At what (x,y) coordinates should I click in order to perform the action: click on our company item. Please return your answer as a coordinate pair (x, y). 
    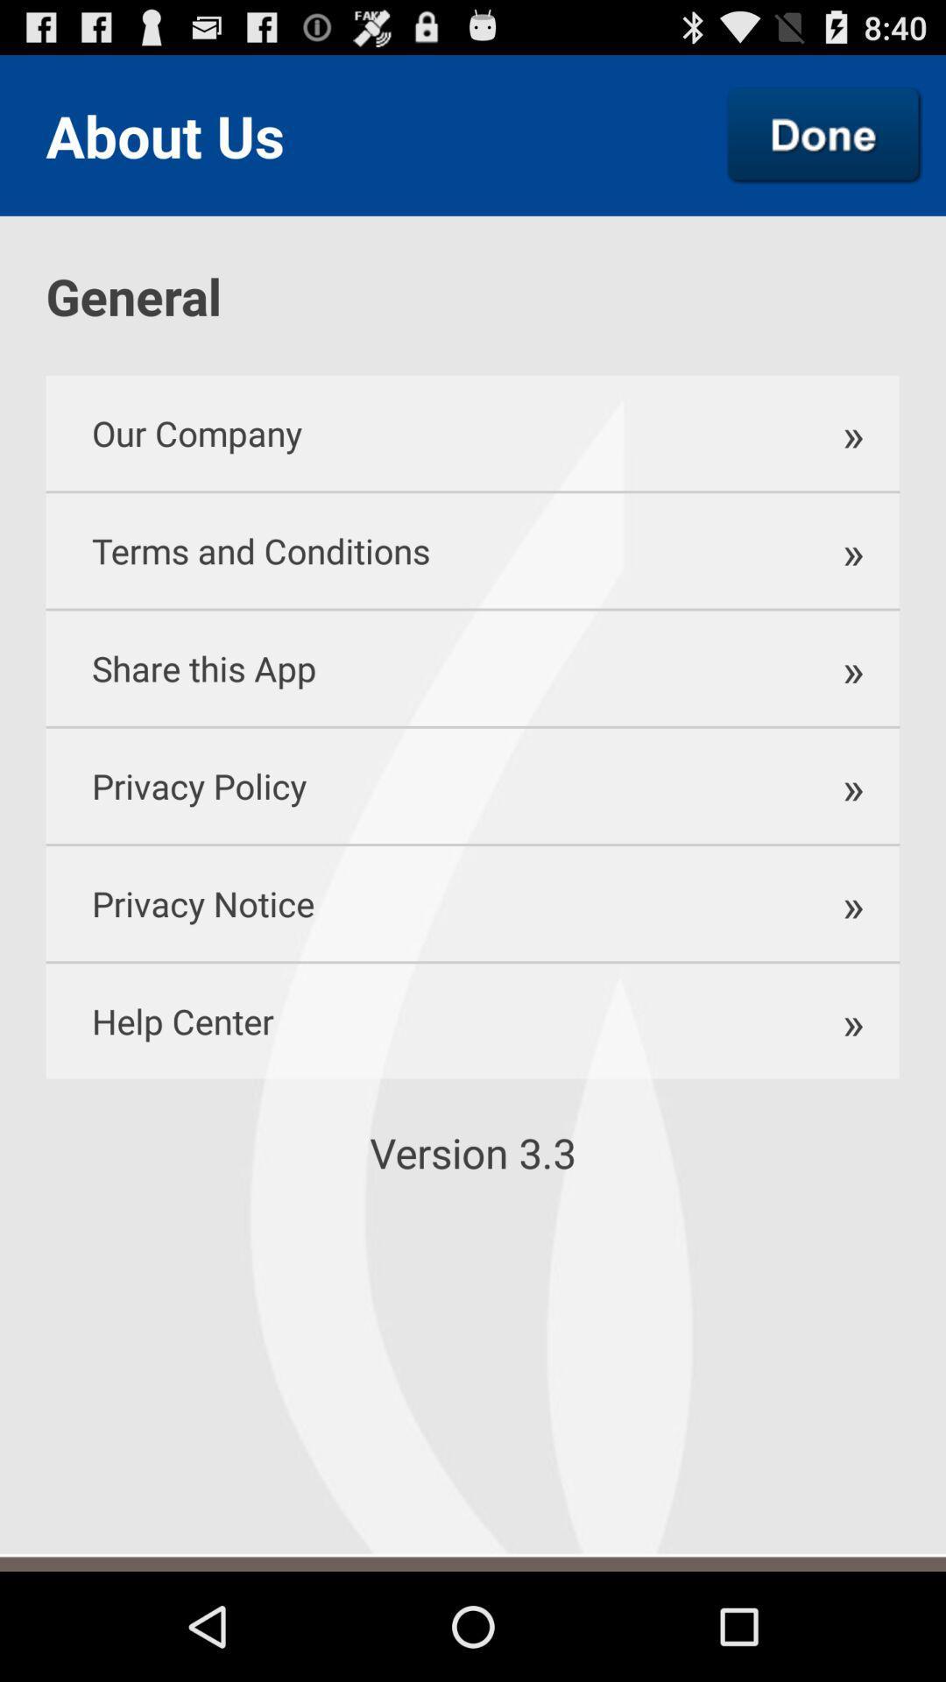
    Looking at the image, I should click on (417, 433).